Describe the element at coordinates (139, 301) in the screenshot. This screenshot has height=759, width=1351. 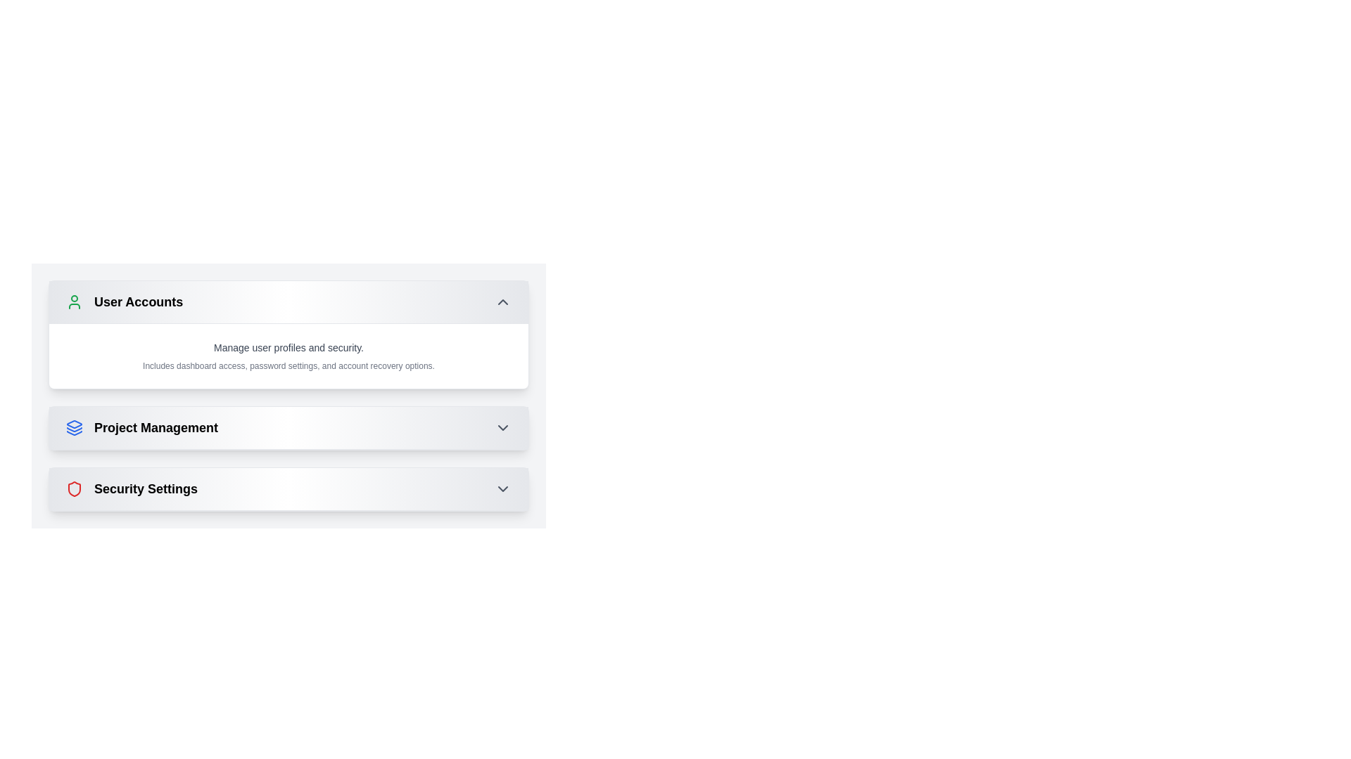
I see `the User Accounts heading text label located at the top of the section, which provides context to the adjacent icon` at that location.